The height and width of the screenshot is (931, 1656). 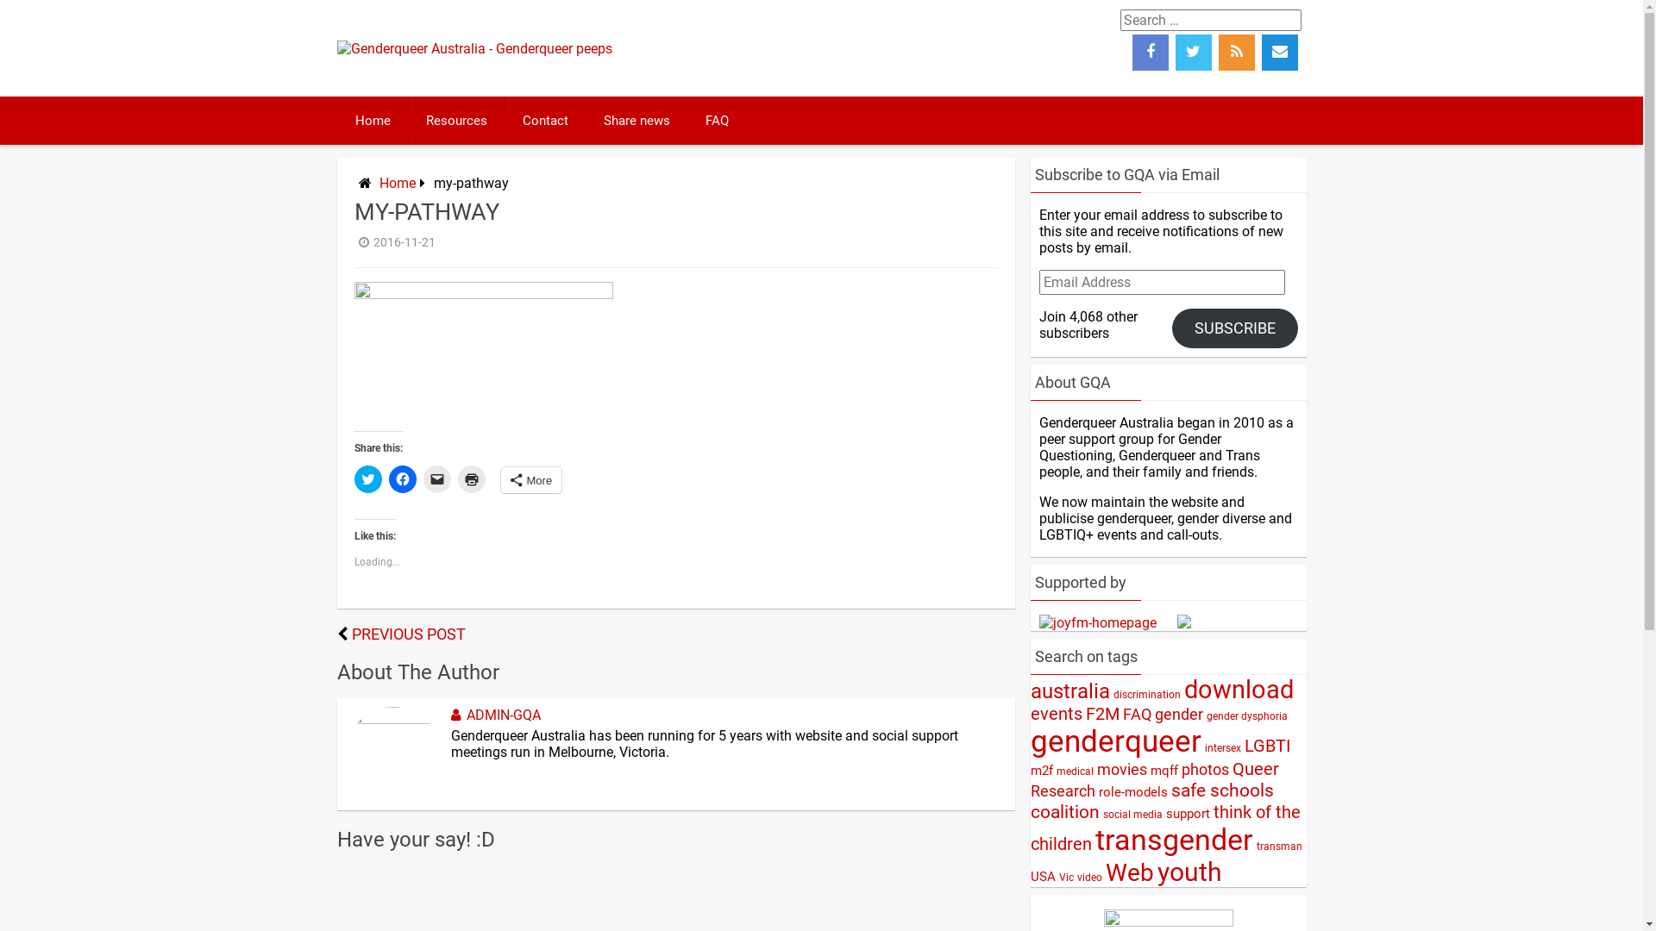 I want to click on 'Twitter', so click(x=1192, y=52).